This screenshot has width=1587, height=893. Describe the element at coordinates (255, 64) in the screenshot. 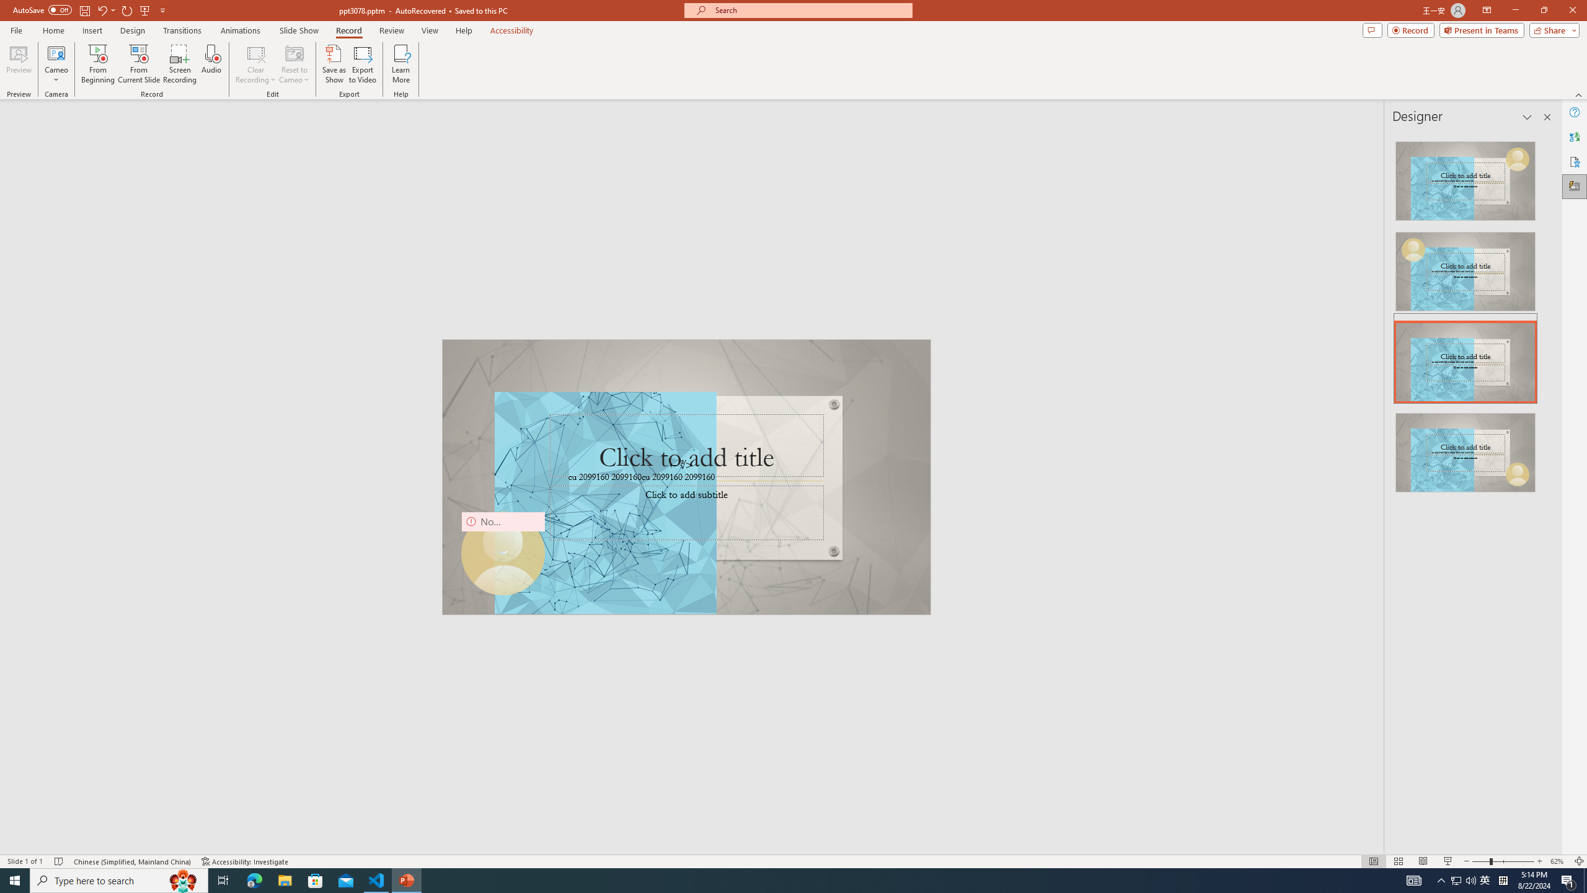

I see `'Clear Recording'` at that location.